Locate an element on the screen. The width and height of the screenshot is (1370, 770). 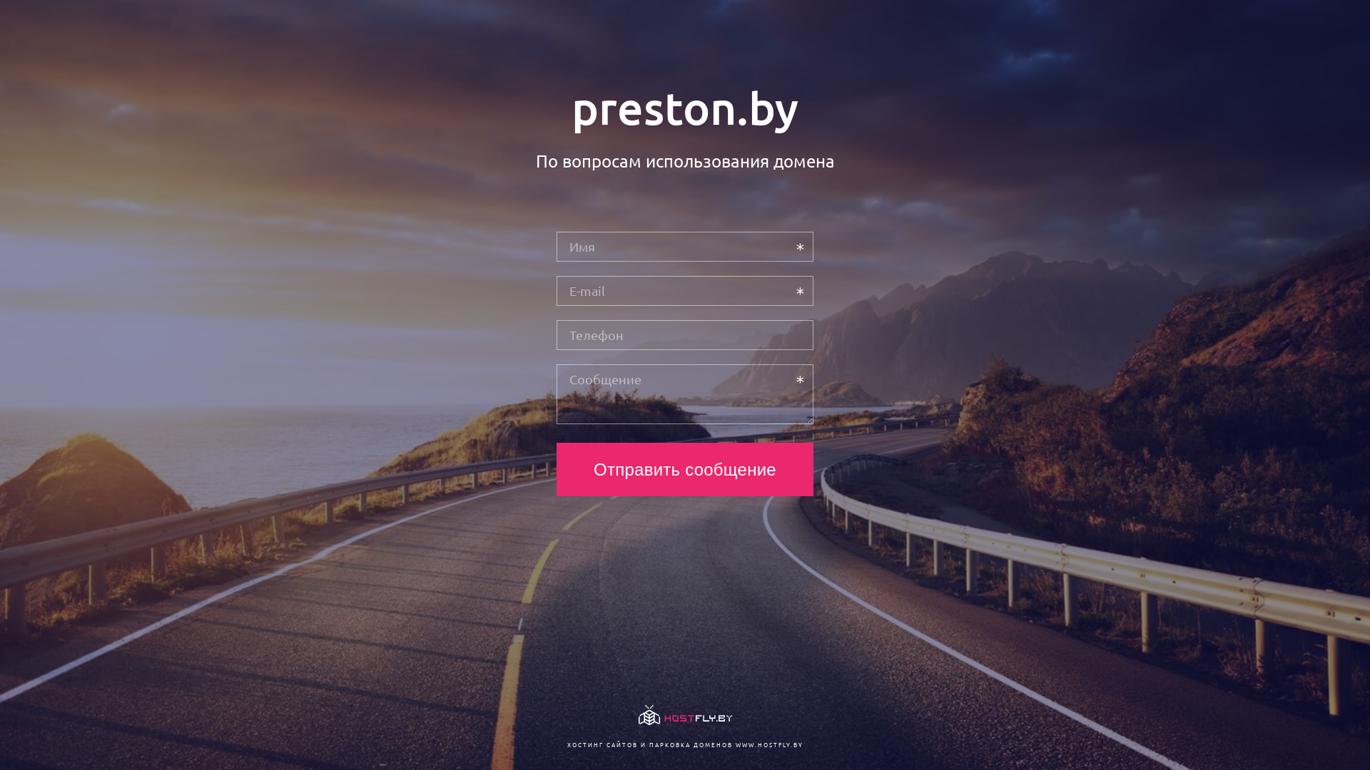
'WWW.HOSTFLY.BY' is located at coordinates (768, 744).